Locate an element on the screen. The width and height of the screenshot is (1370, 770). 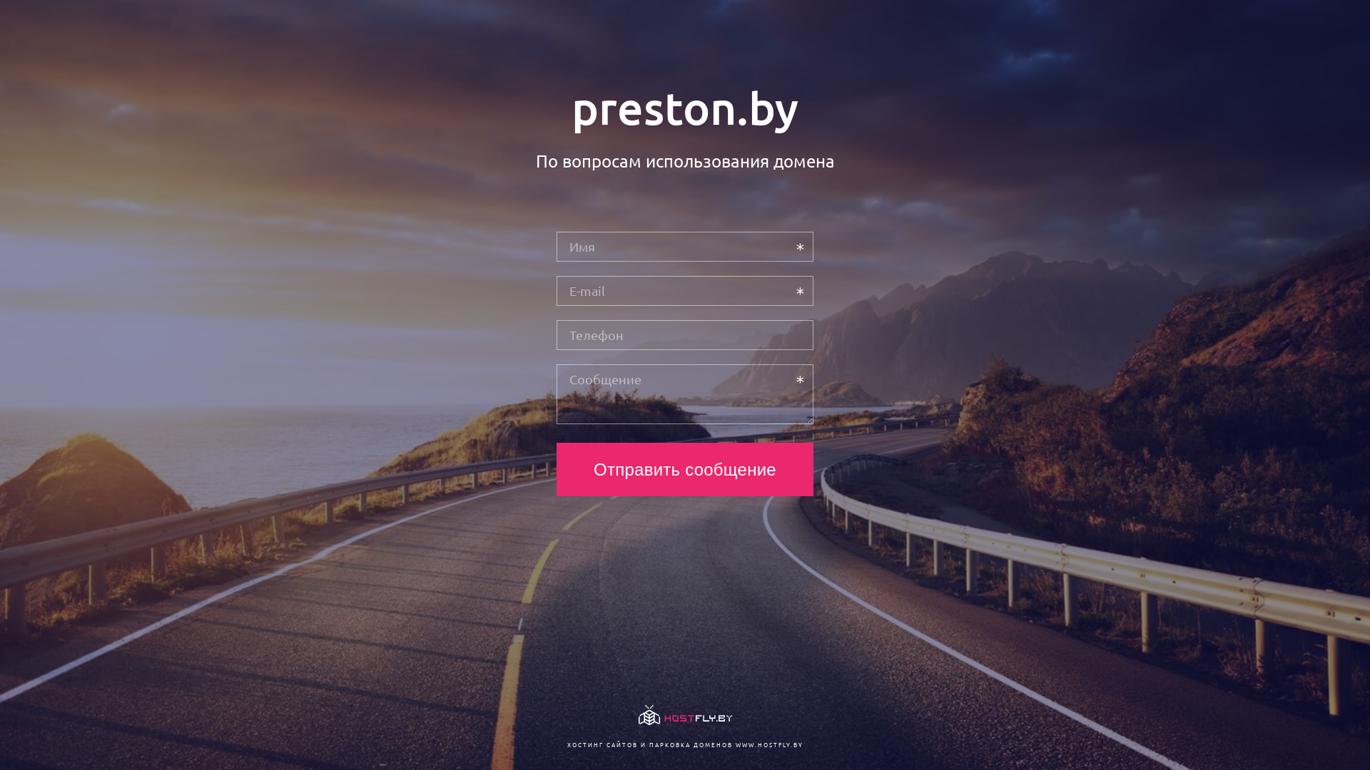
'WWW.HOSTFLY.BY' is located at coordinates (768, 744).